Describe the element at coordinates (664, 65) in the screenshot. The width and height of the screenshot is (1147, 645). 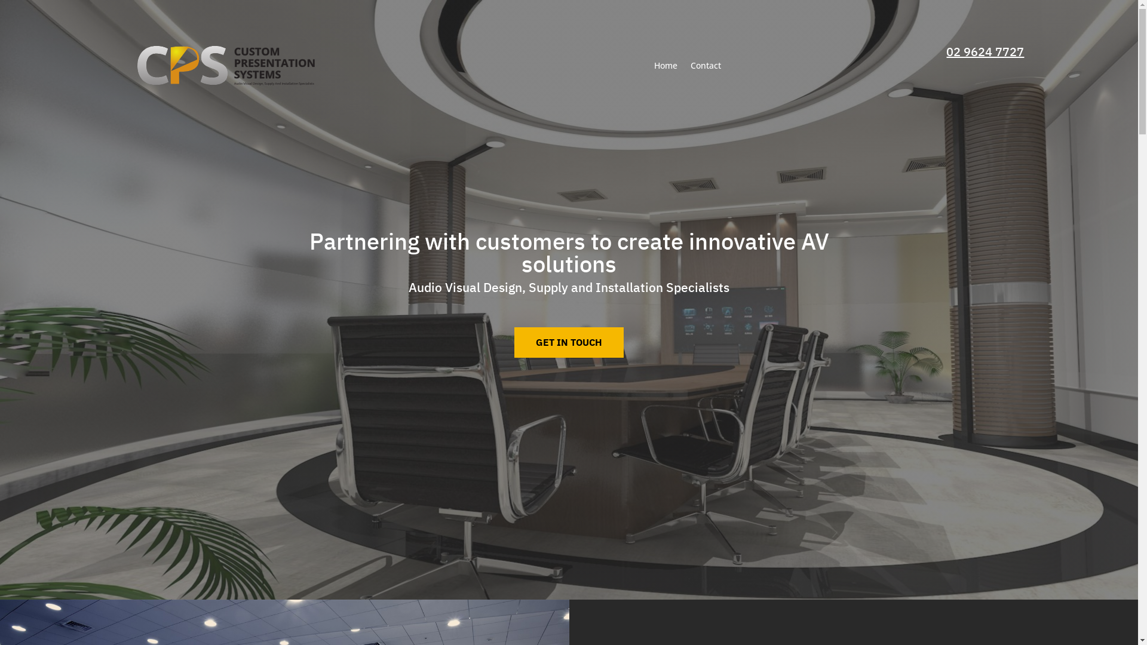
I see `'Home'` at that location.